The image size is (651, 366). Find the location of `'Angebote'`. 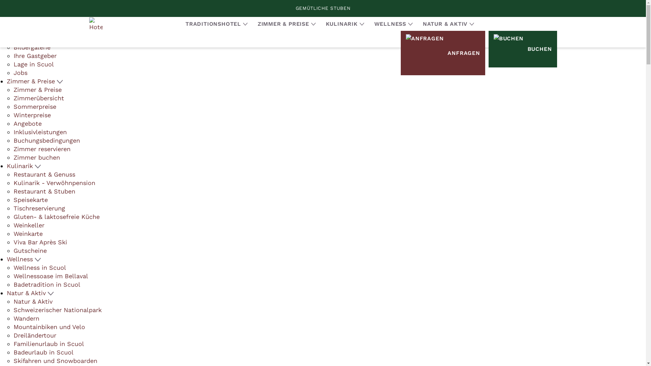

'Angebote' is located at coordinates (27, 123).